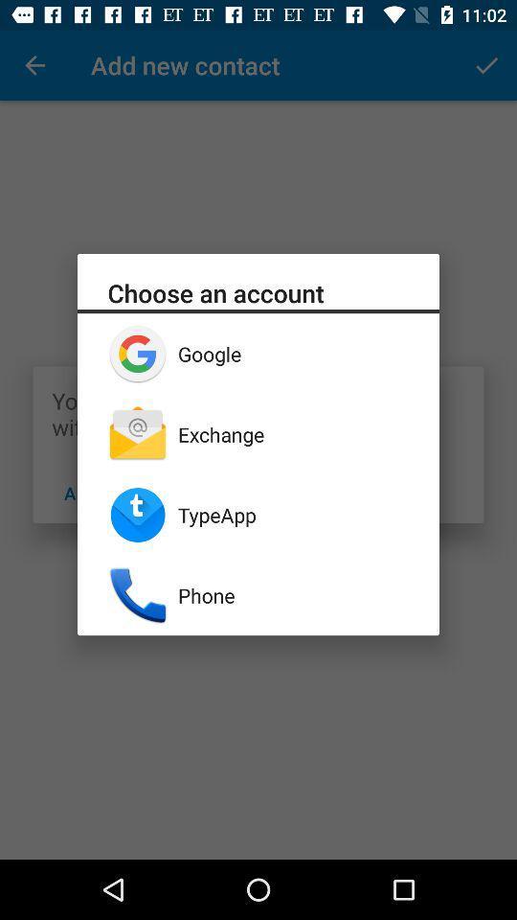 Image resolution: width=517 pixels, height=920 pixels. What do you see at coordinates (293, 353) in the screenshot?
I see `google app` at bounding box center [293, 353].